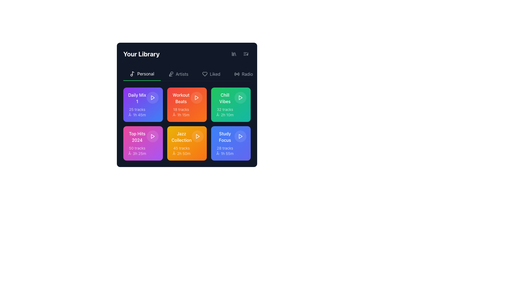  Describe the element at coordinates (141, 54) in the screenshot. I see `text label that displays 'Your Library', which is bold, large, and white against a dark background, located at the top-left area of the interface` at that location.